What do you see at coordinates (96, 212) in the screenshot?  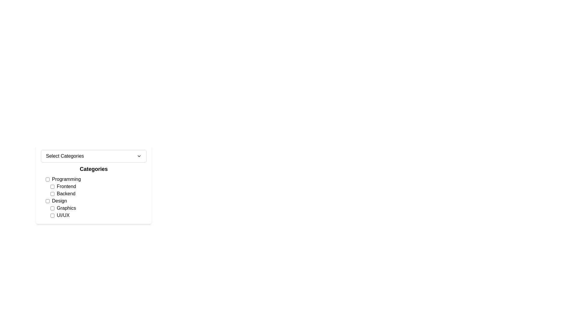 I see `the 'Graphics' checkbox located under the 'Design' category` at bounding box center [96, 212].